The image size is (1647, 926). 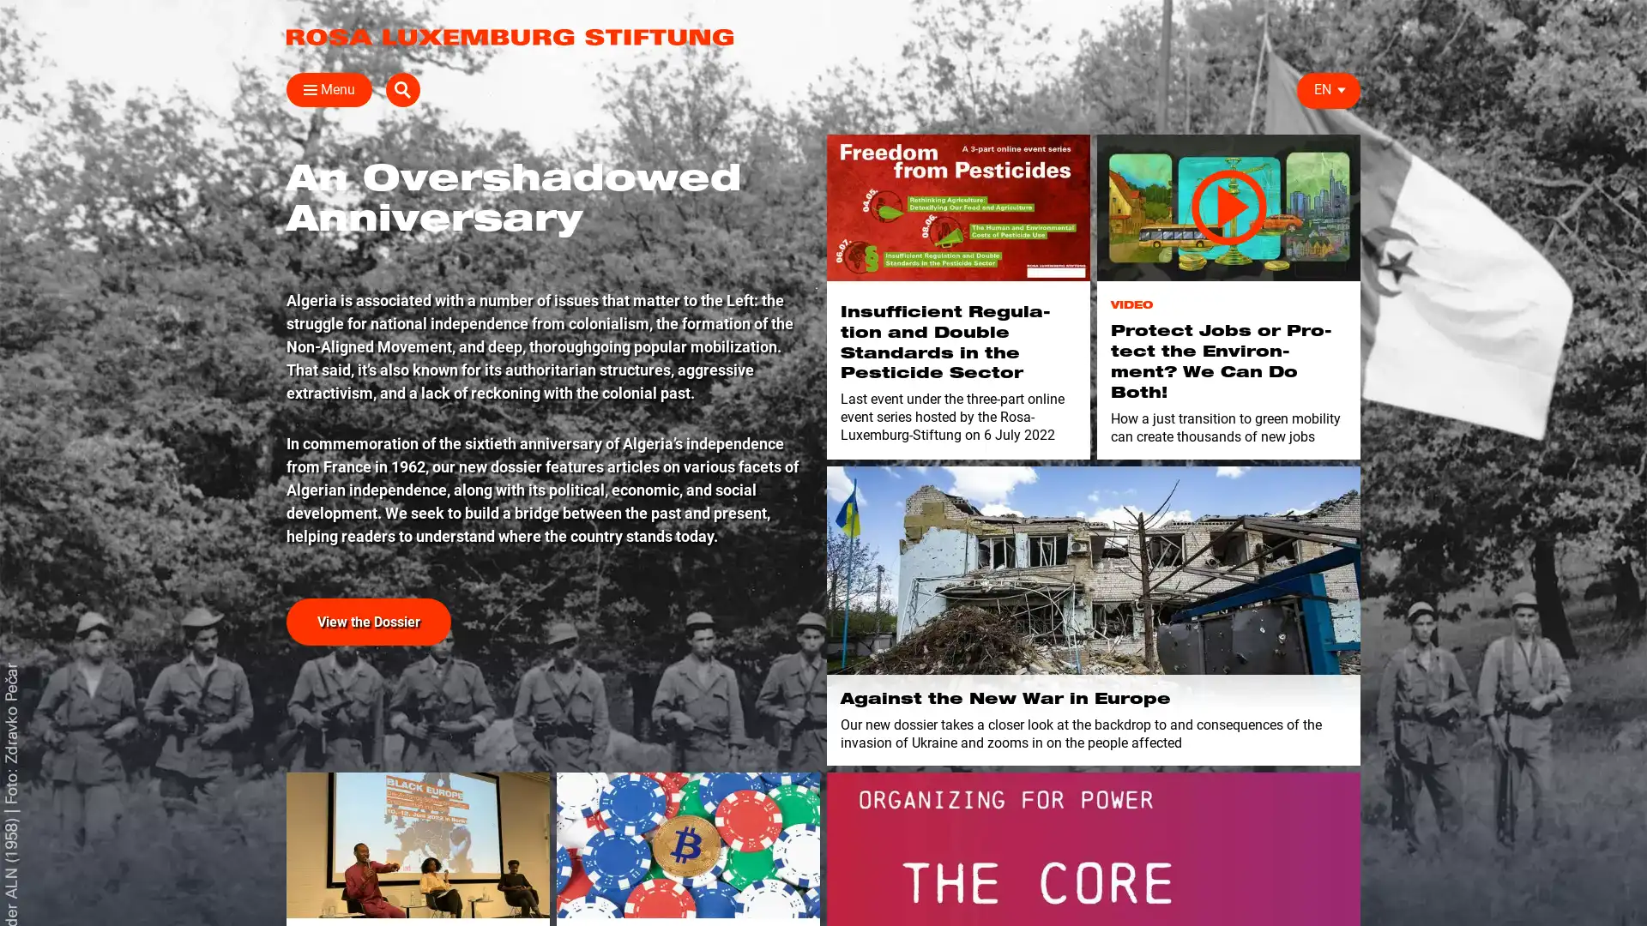 What do you see at coordinates (279, 394) in the screenshot?
I see `Show more / less` at bounding box center [279, 394].